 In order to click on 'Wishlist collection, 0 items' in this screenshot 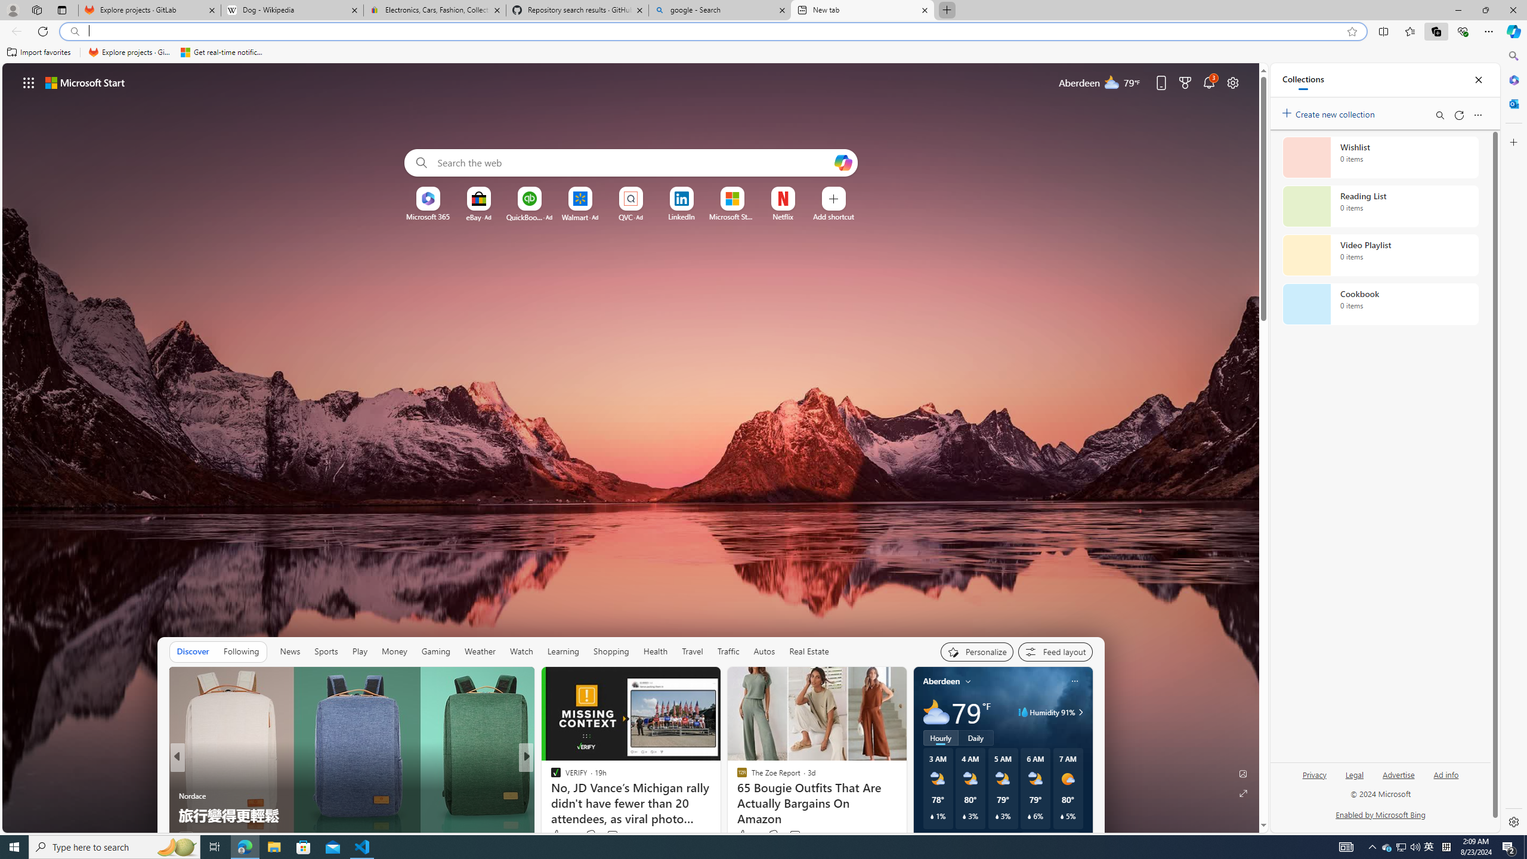, I will do `click(1380, 157)`.